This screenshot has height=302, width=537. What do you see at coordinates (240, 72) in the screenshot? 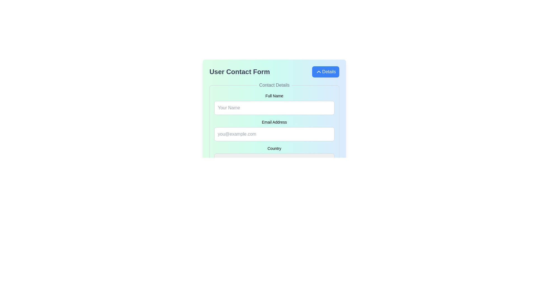
I see `the 'User Contact Form' text label header, which is prominently displayed at the top of the section, styled with a large bold font and grayish color` at bounding box center [240, 72].